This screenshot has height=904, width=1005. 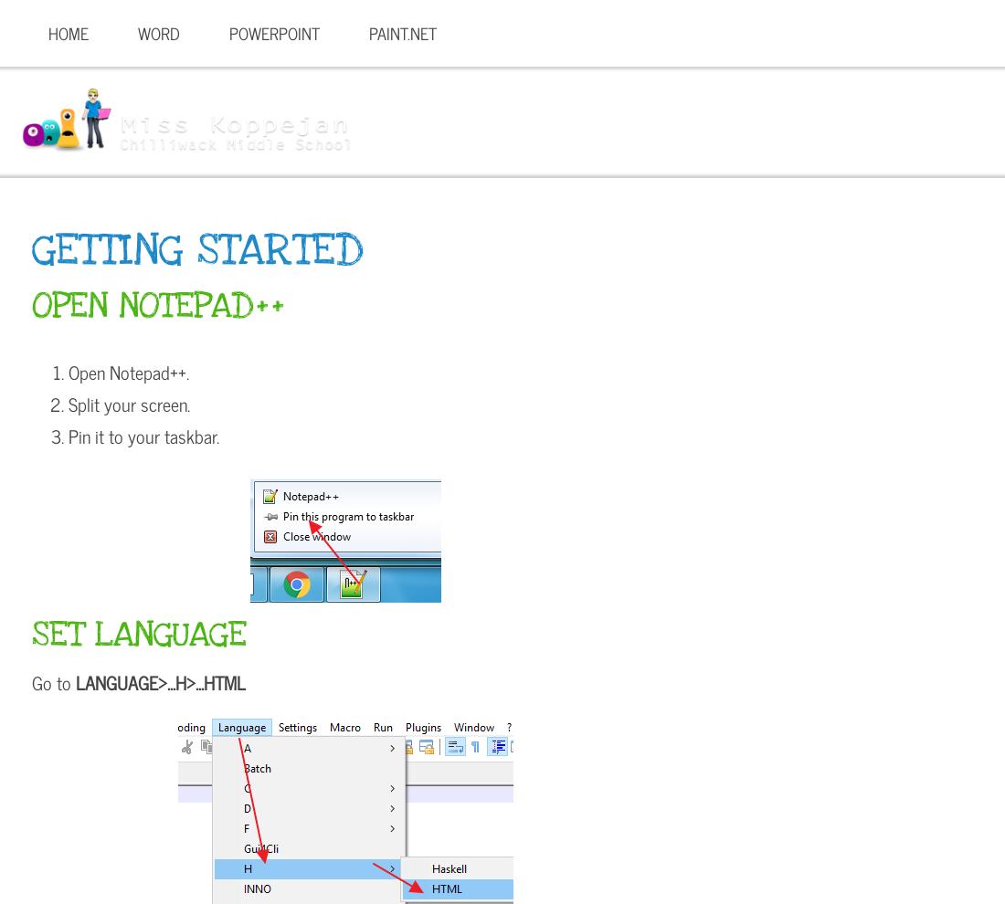 What do you see at coordinates (157, 305) in the screenshot?
I see `'Open Notepad++'` at bounding box center [157, 305].